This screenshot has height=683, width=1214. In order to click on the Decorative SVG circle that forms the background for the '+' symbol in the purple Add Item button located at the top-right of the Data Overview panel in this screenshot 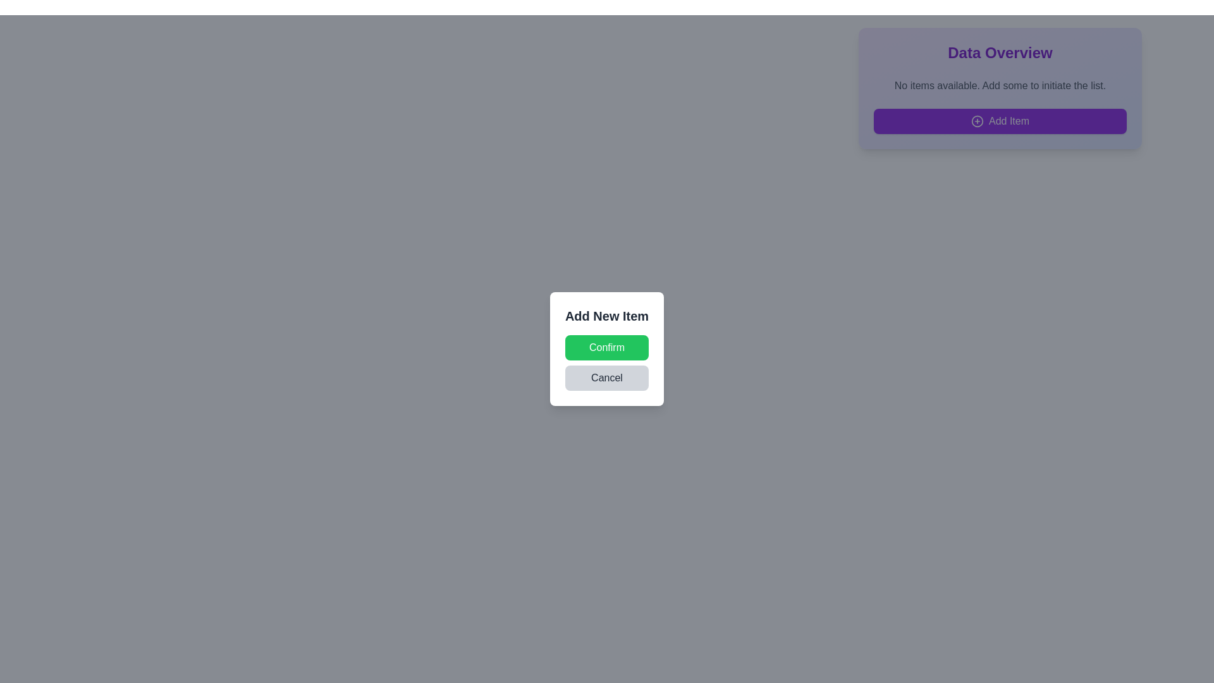, I will do `click(976, 121)`.